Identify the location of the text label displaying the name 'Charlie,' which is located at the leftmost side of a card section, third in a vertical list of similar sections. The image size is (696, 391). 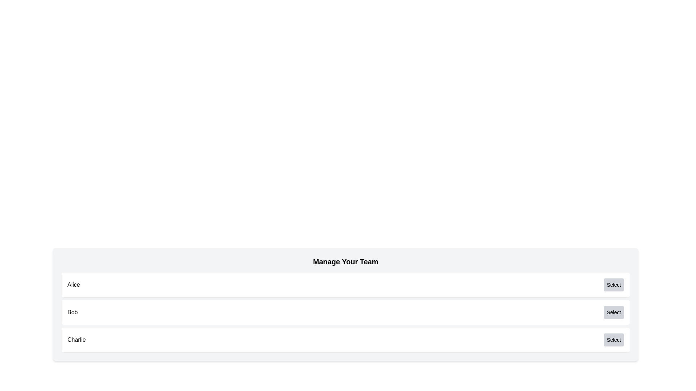
(76, 340).